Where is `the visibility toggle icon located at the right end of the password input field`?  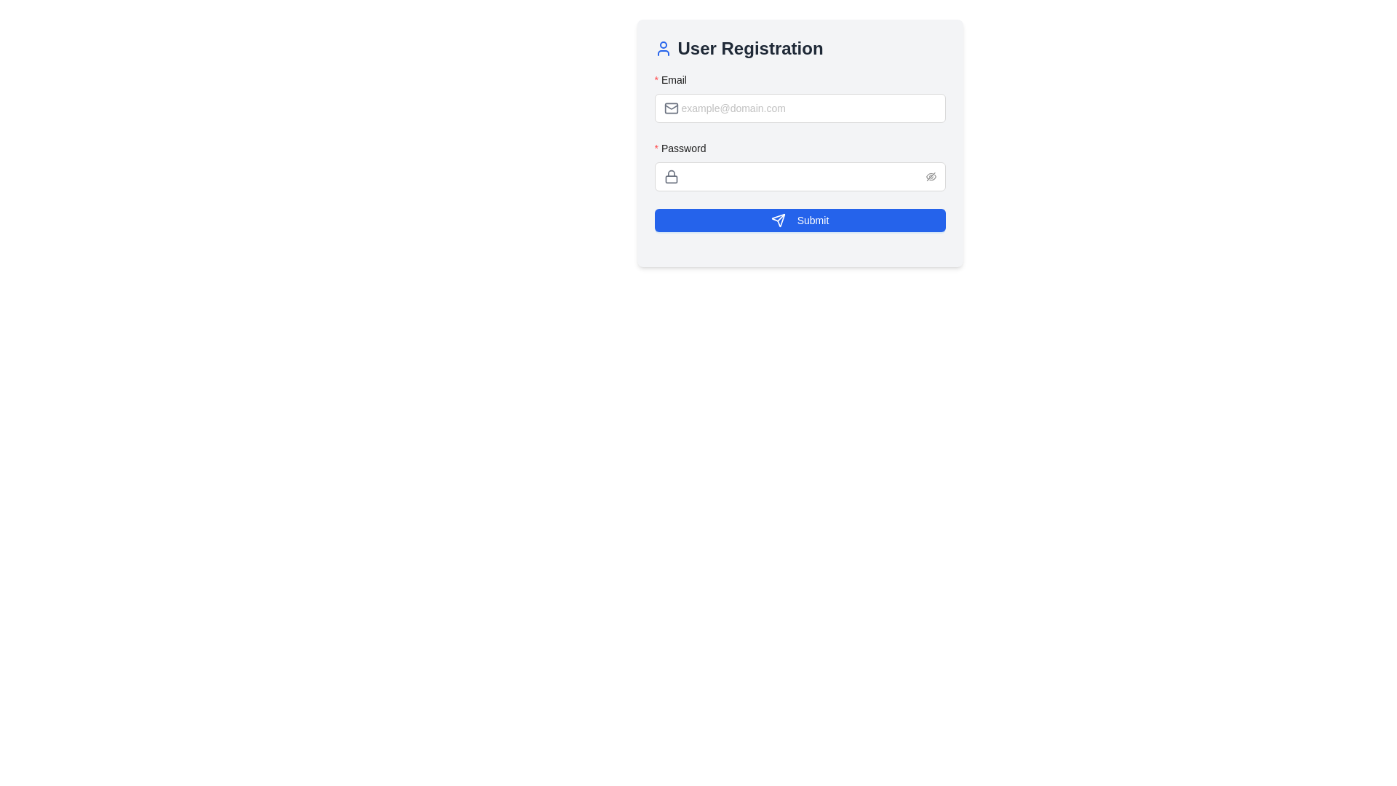
the visibility toggle icon located at the right end of the password input field is located at coordinates (930, 176).